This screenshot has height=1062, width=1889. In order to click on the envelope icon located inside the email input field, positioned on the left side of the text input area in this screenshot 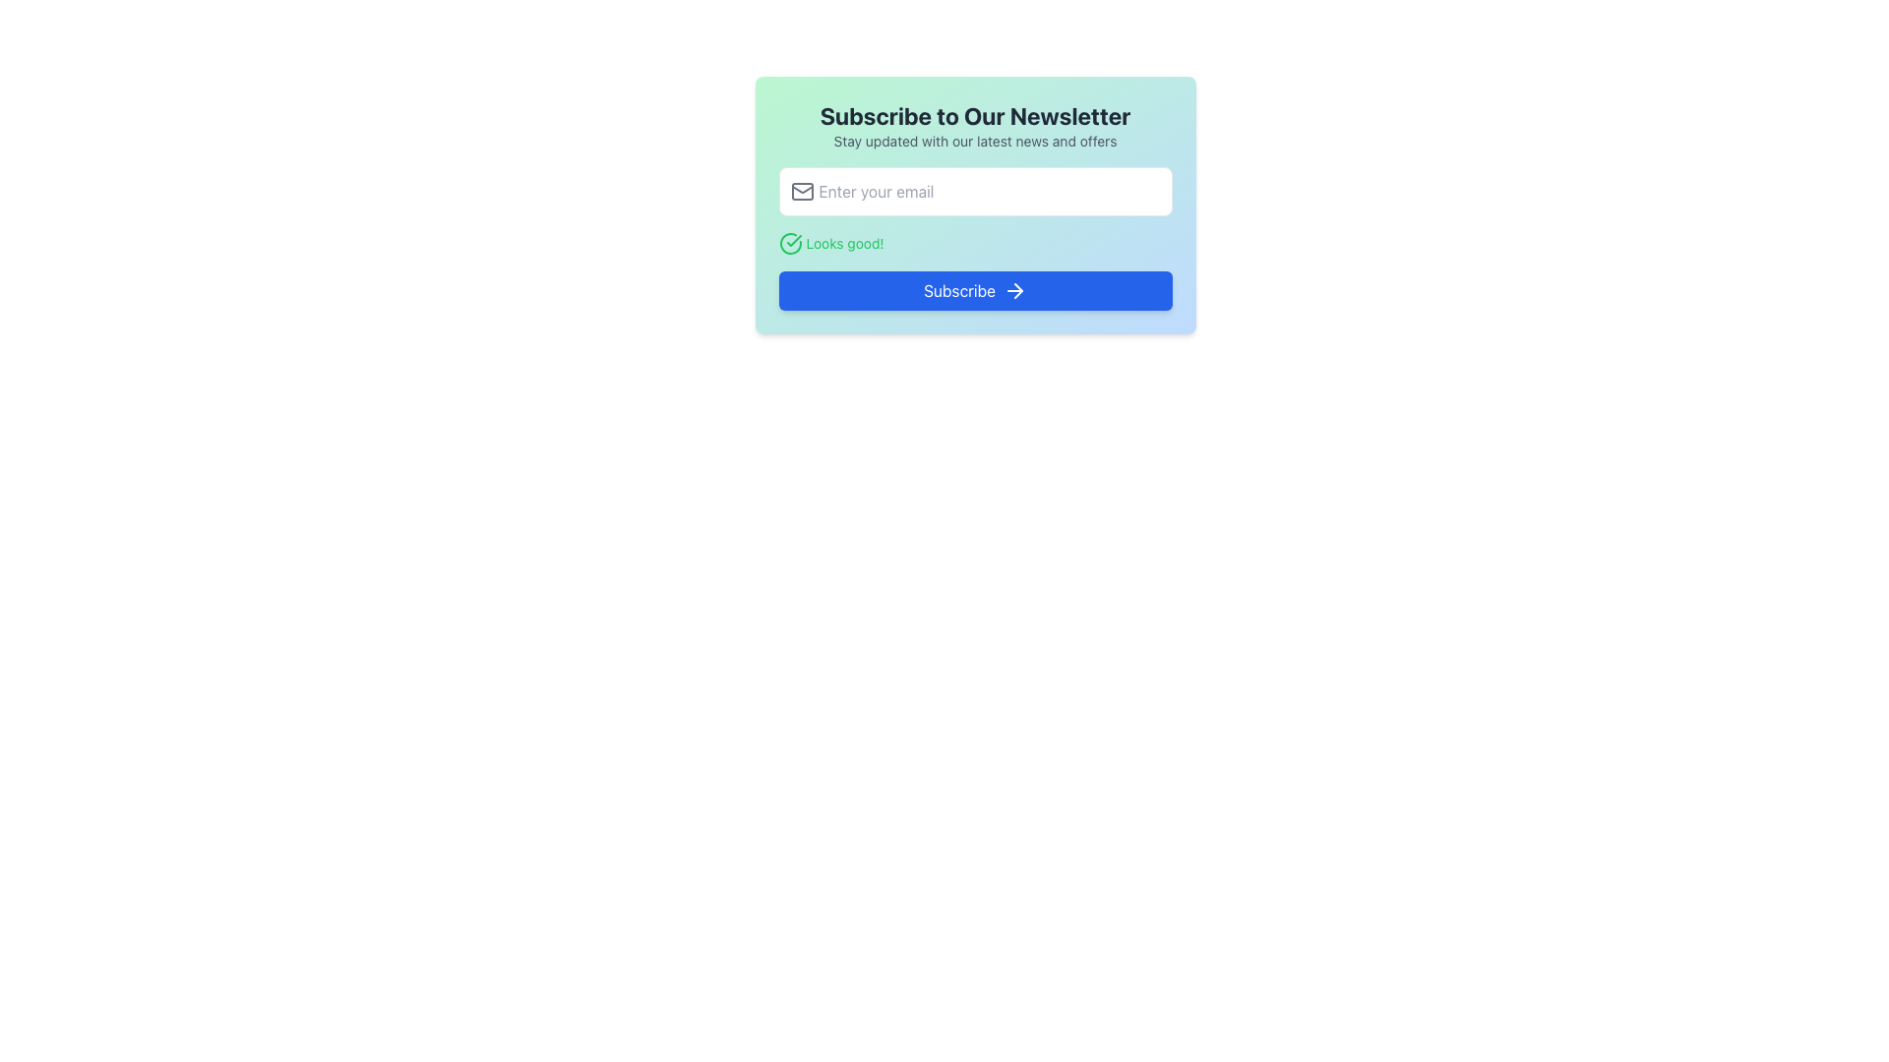, I will do `click(802, 192)`.